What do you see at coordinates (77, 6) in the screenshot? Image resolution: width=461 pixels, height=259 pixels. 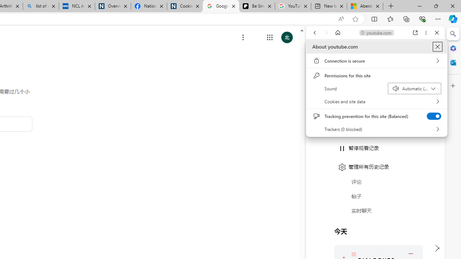 I see `'NCL Adult Asthma Inhaler Choice Guideline'` at bounding box center [77, 6].